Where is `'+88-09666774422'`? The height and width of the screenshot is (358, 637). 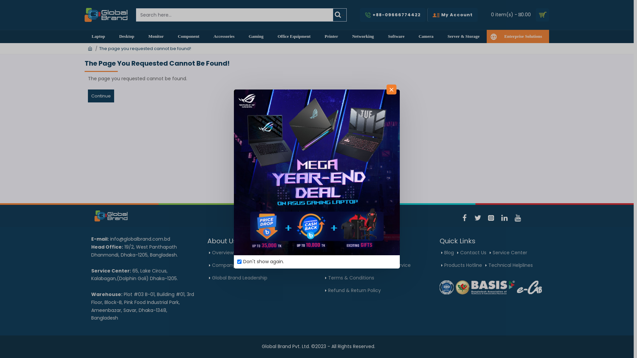 '+88-09666774422' is located at coordinates (393, 15).